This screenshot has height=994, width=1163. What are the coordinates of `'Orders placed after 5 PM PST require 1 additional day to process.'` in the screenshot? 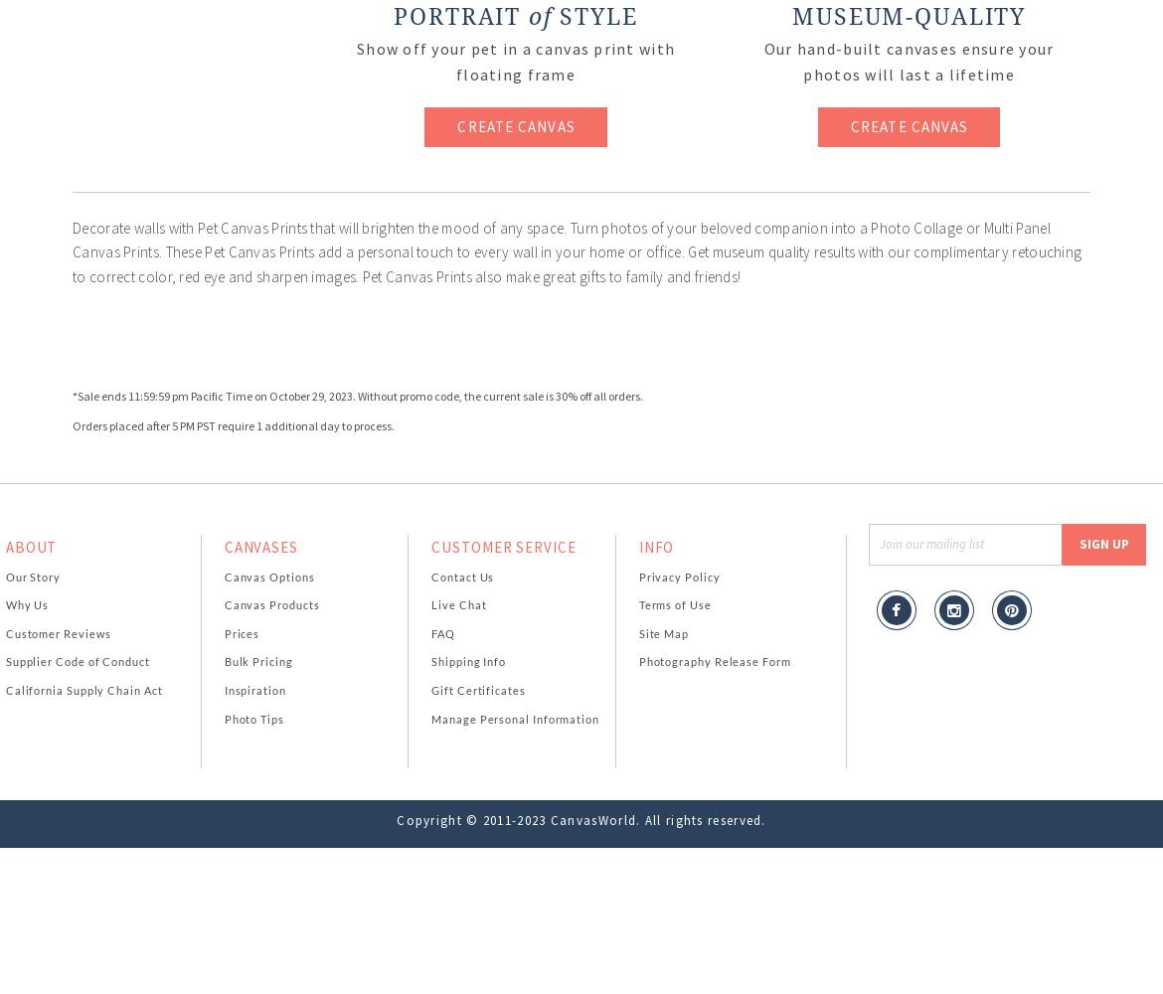 It's located at (73, 424).